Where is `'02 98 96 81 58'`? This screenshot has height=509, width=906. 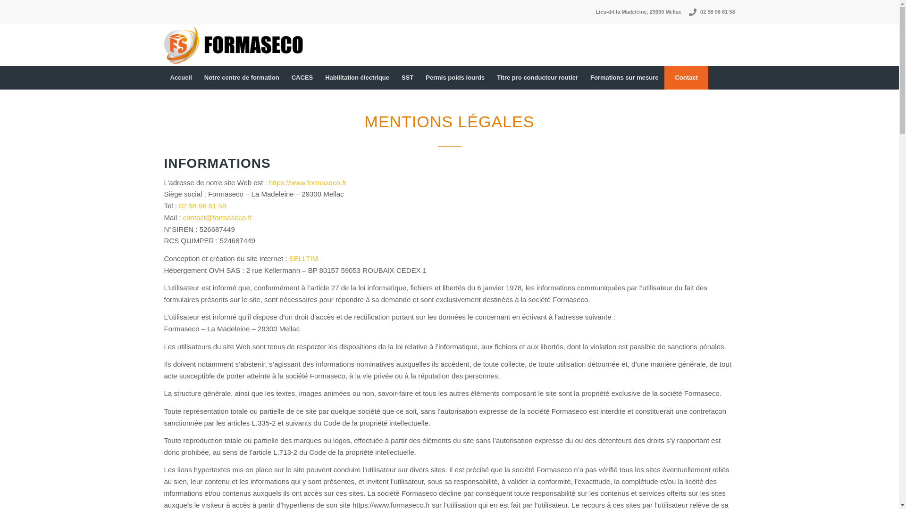
'02 98 96 81 58' is located at coordinates (700, 12).